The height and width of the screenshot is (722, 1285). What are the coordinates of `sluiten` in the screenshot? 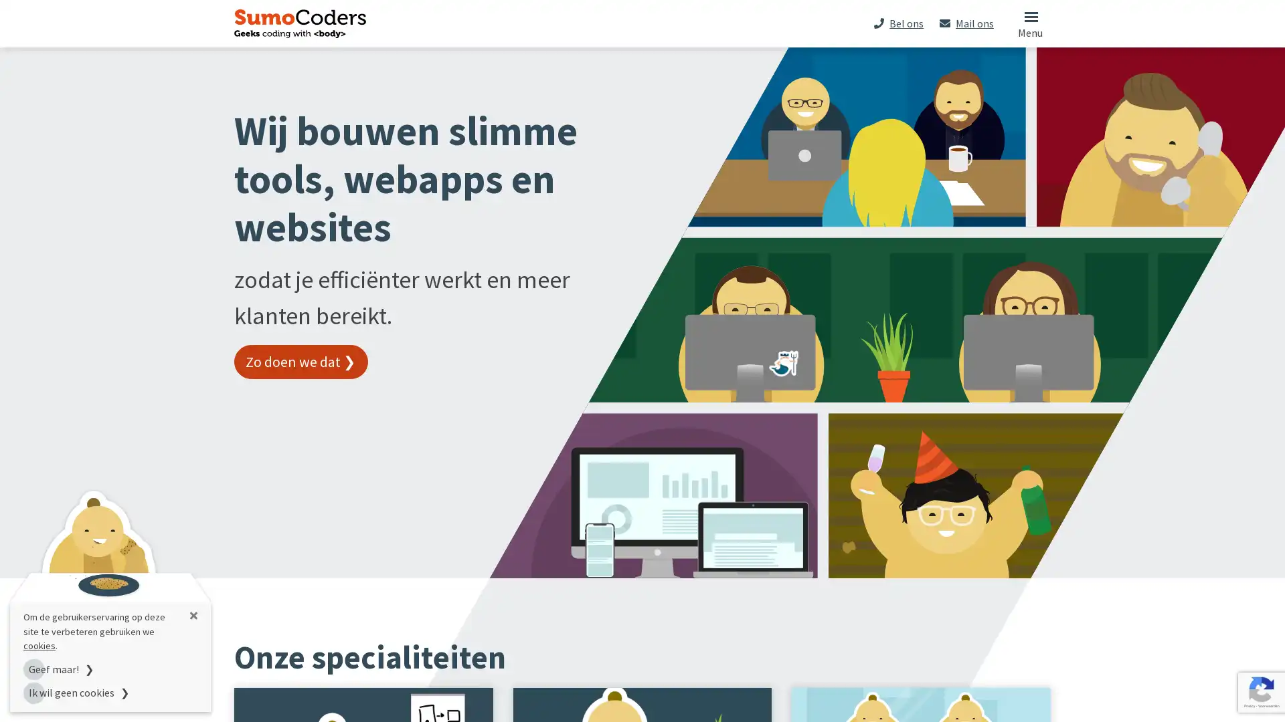 It's located at (193, 615).